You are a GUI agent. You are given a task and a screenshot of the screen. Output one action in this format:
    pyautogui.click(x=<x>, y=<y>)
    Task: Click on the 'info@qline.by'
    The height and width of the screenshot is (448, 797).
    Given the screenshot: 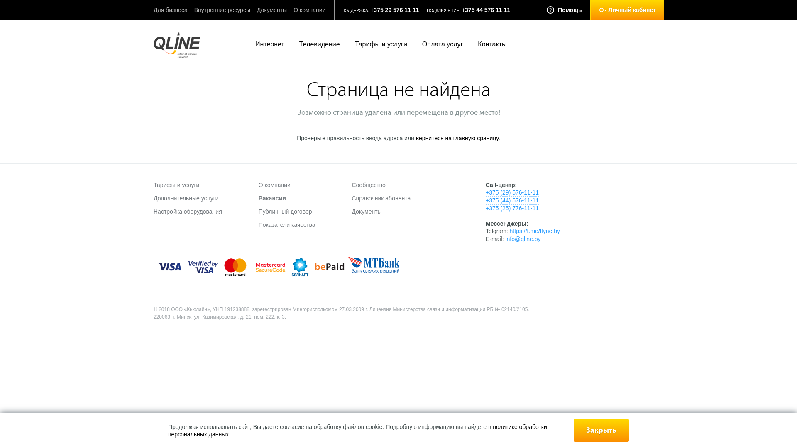 What is the action you would take?
    pyautogui.click(x=522, y=239)
    